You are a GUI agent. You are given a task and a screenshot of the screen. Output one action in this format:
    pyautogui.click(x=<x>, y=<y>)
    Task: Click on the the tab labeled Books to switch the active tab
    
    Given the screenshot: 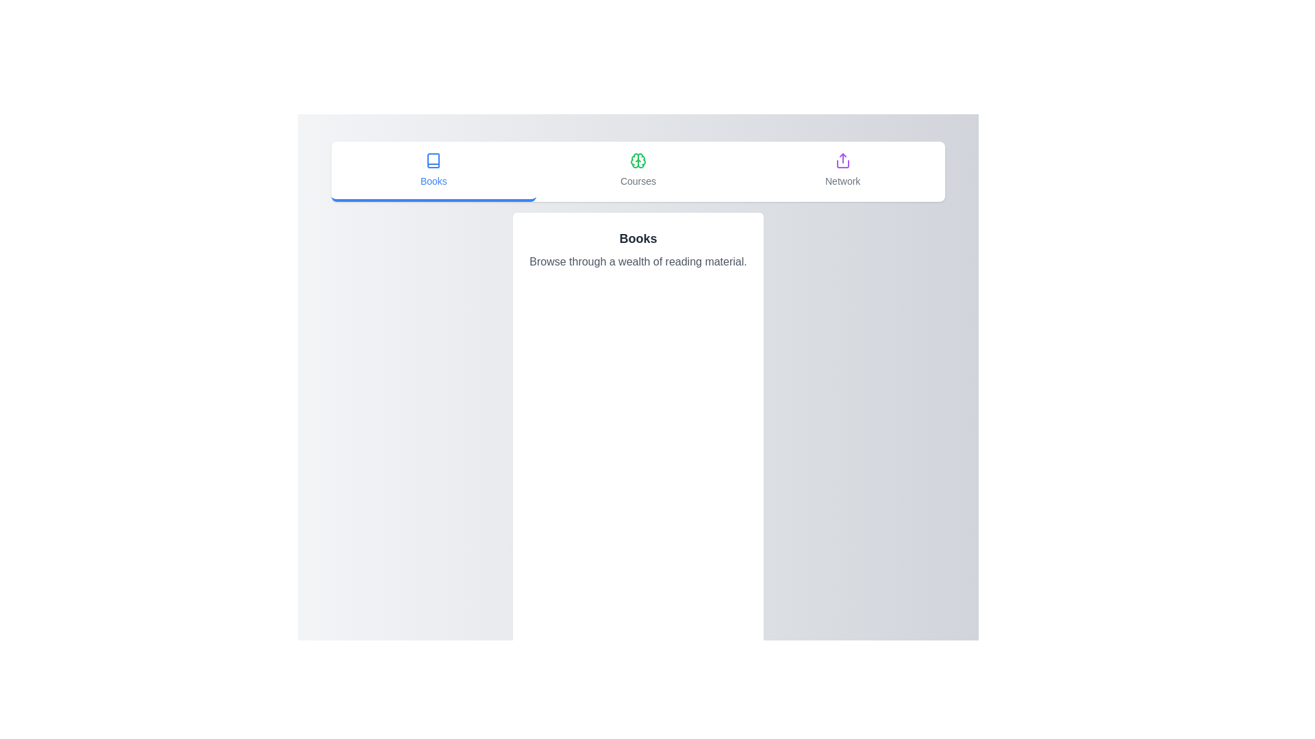 What is the action you would take?
    pyautogui.click(x=433, y=170)
    